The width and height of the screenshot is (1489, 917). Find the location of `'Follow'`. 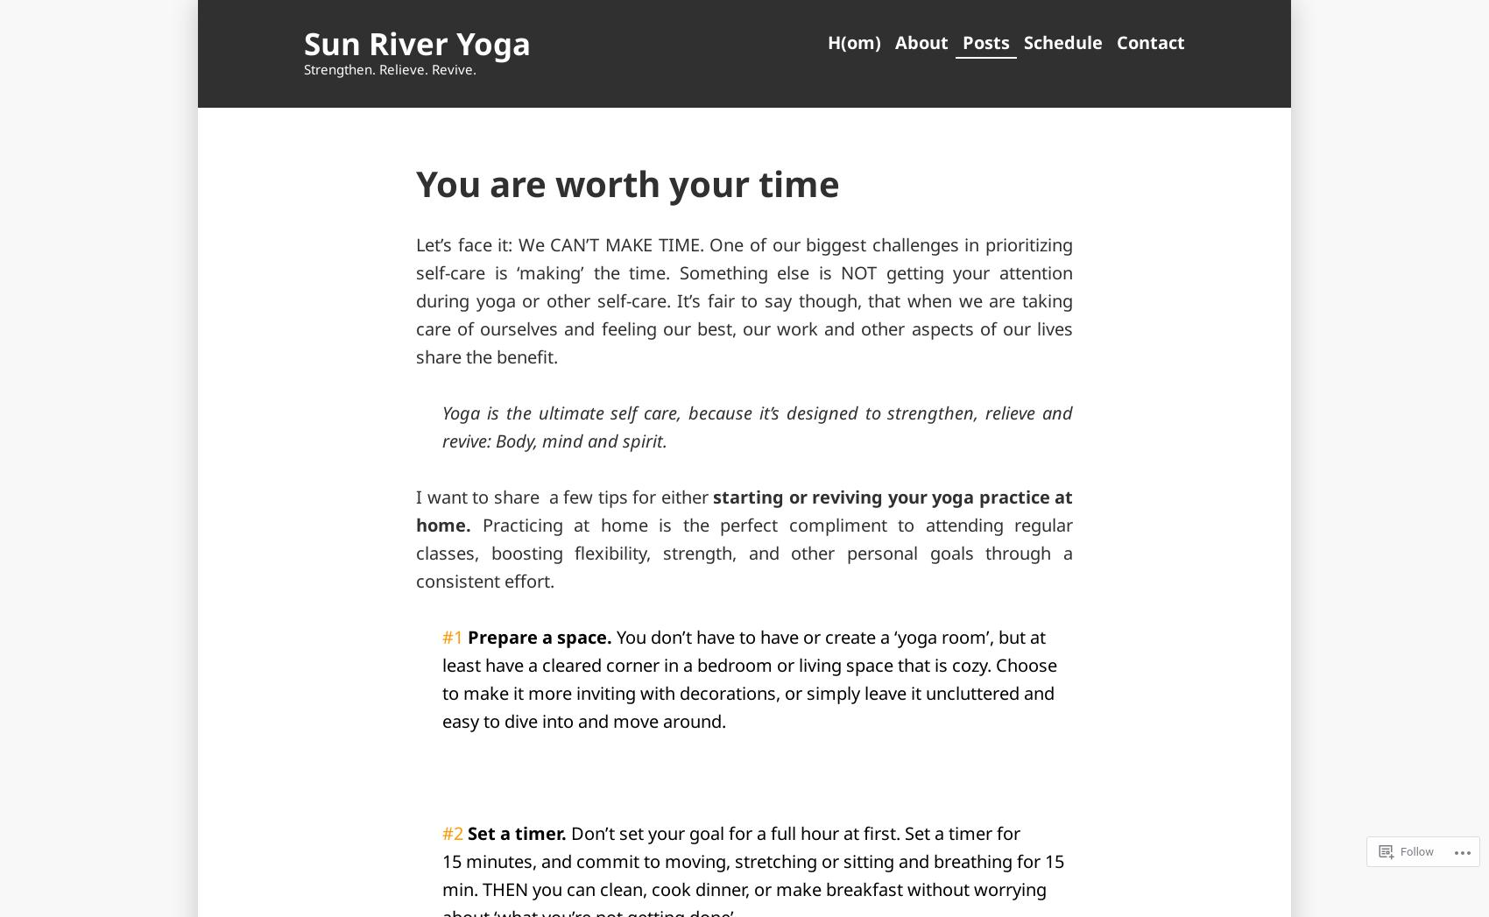

'Follow' is located at coordinates (1416, 850).